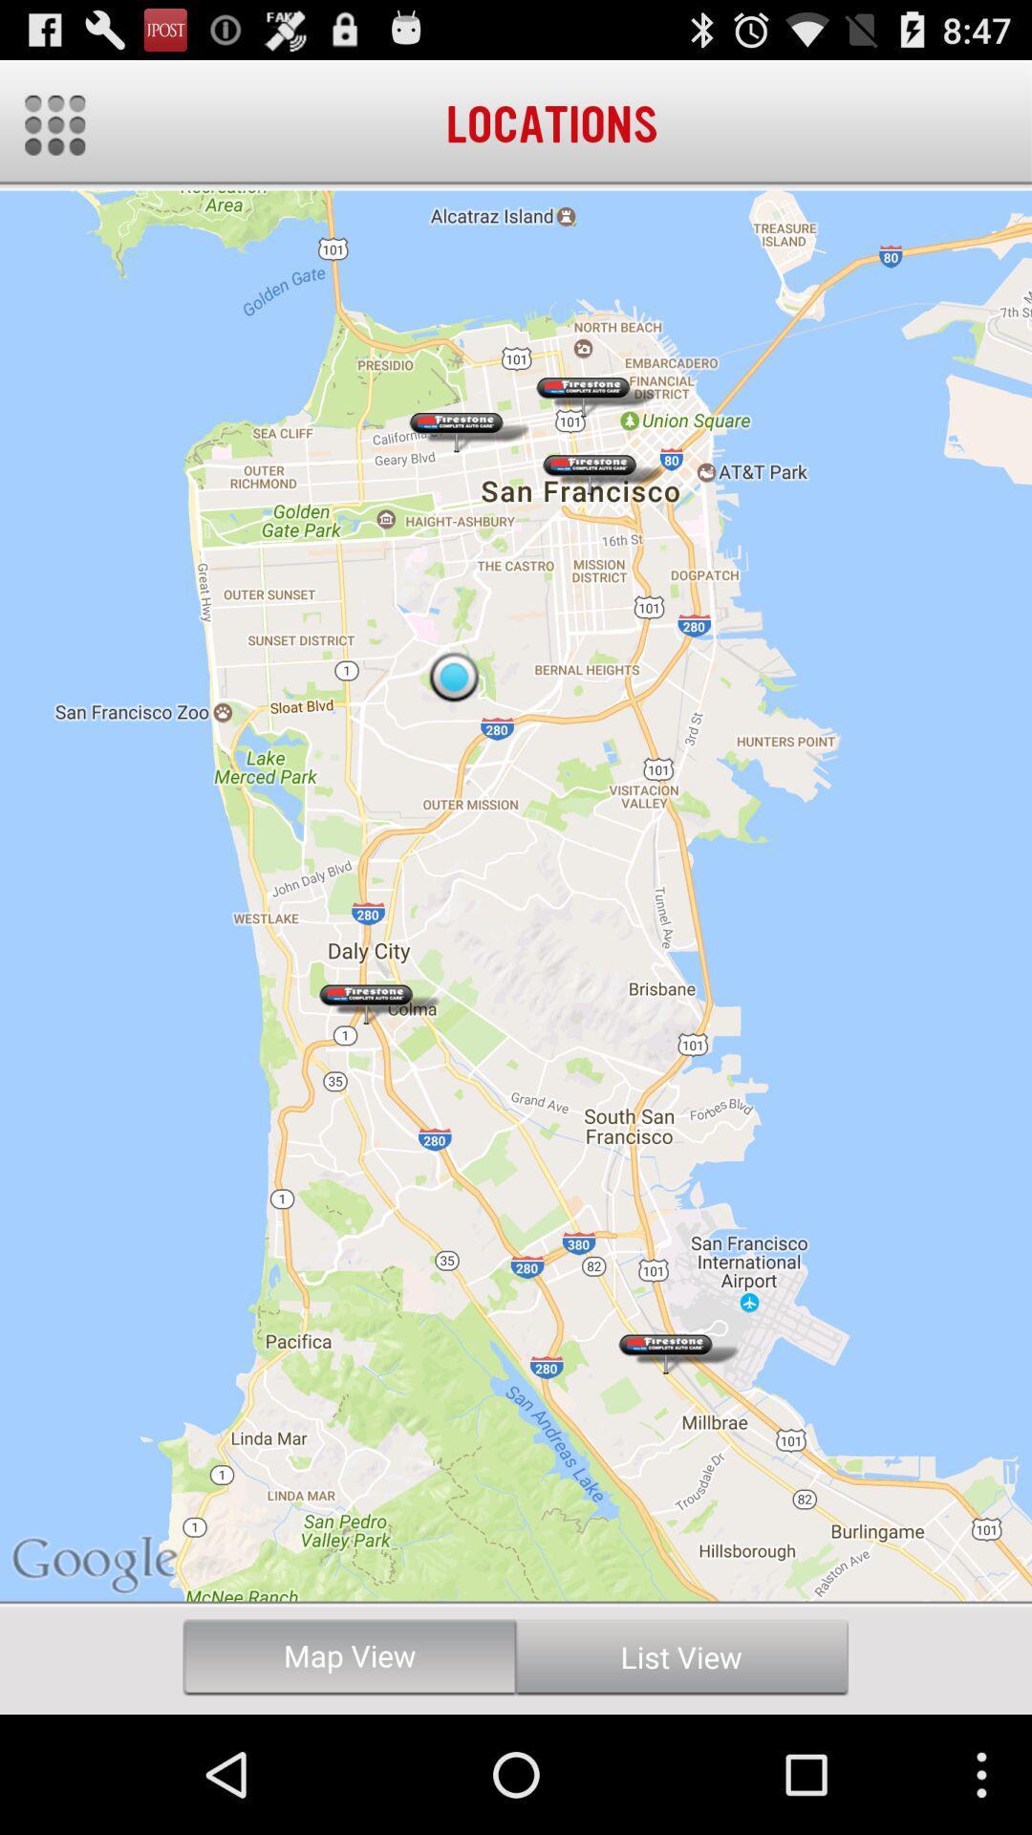  Describe the element at coordinates (54, 124) in the screenshot. I see `open menu` at that location.